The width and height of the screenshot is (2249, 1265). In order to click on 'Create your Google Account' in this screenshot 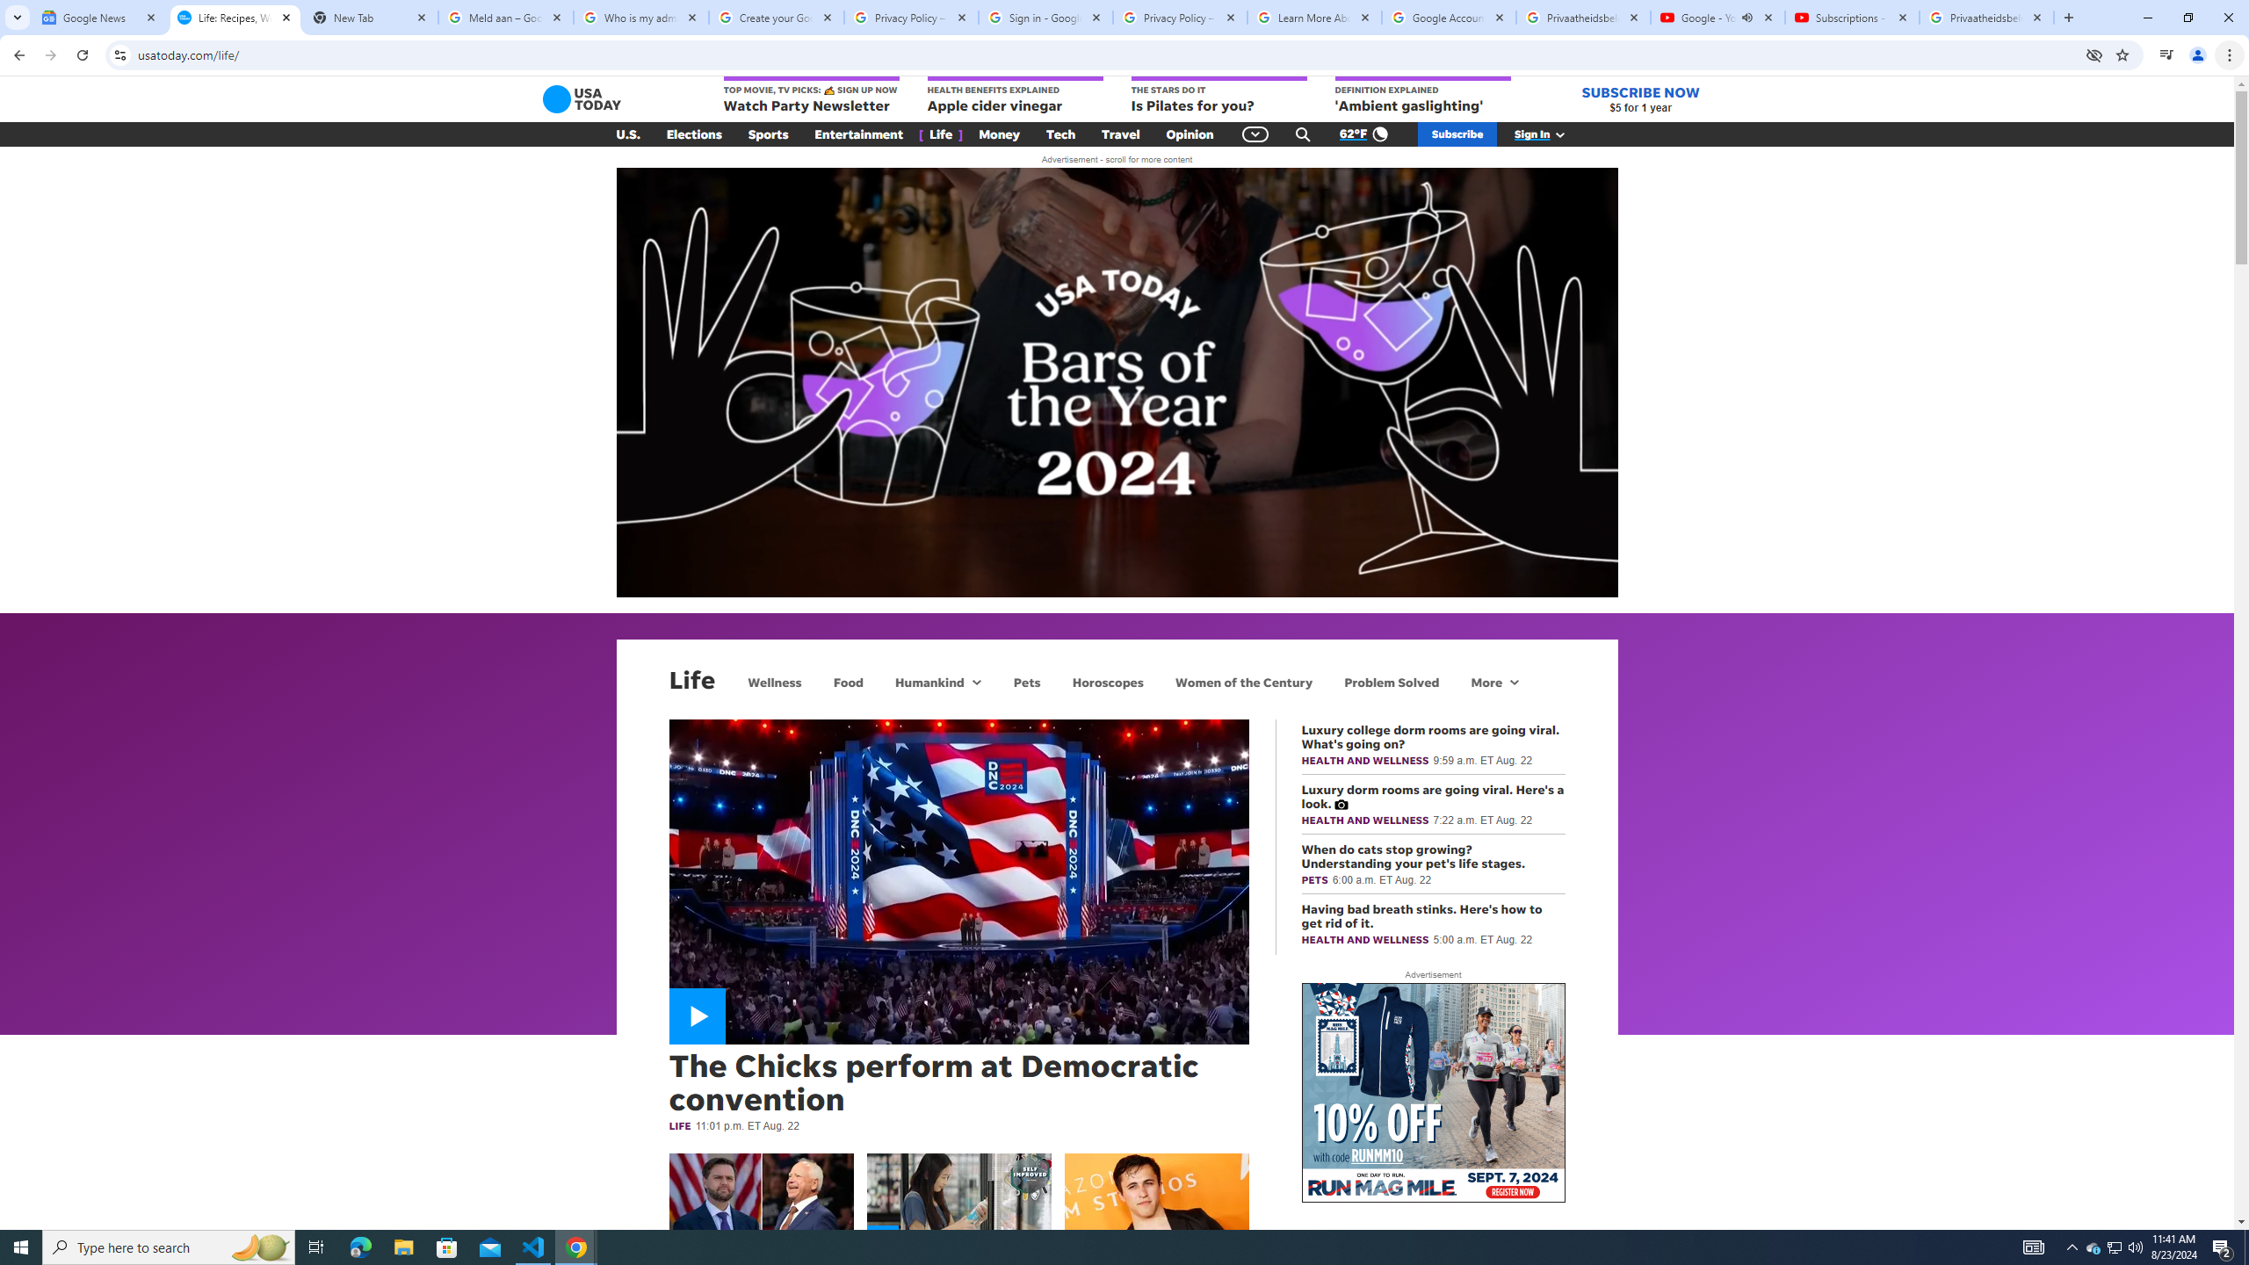, I will do `click(777, 17)`.